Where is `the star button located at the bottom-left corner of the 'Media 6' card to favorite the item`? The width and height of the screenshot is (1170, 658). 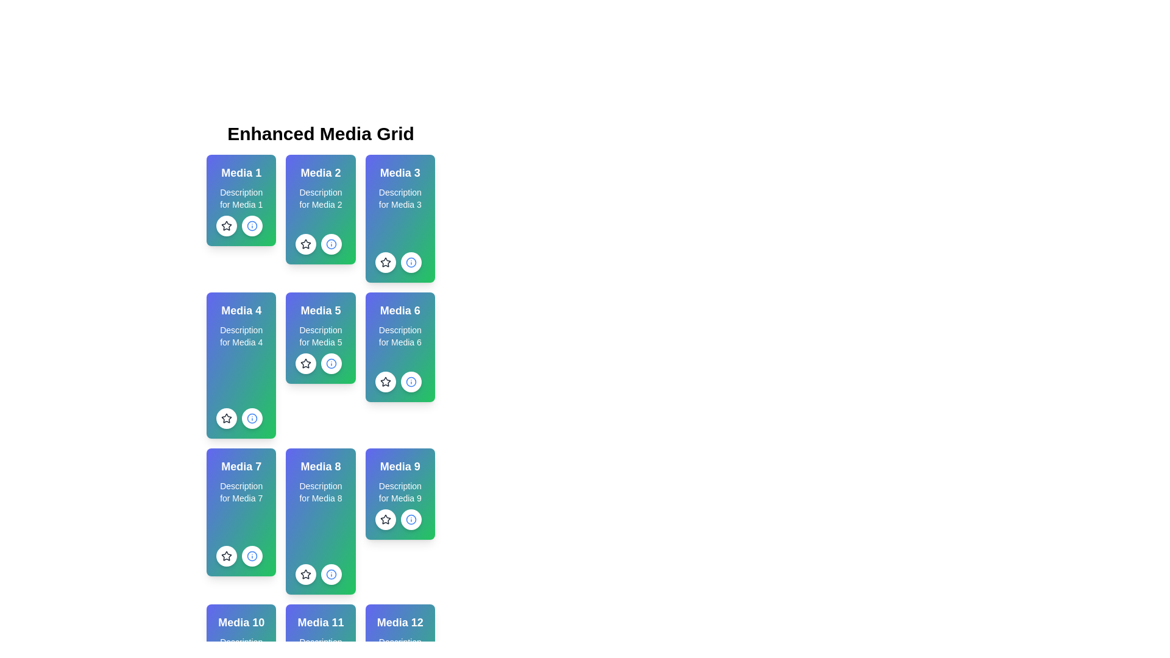 the star button located at the bottom-left corner of the 'Media 6' card to favorite the item is located at coordinates (385, 381).